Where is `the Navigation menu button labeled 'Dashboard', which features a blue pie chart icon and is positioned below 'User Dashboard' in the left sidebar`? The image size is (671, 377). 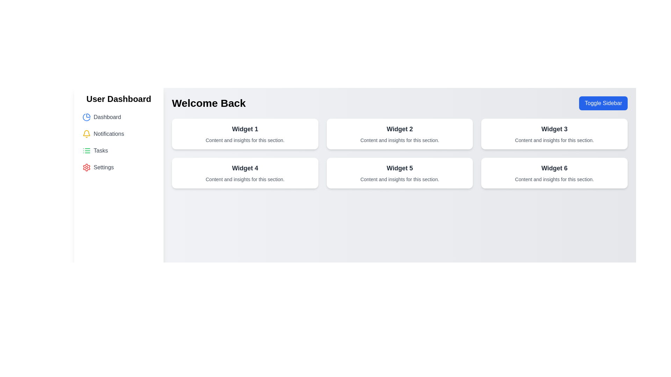 the Navigation menu button labeled 'Dashboard', which features a blue pie chart icon and is positioned below 'User Dashboard' in the left sidebar is located at coordinates (119, 117).